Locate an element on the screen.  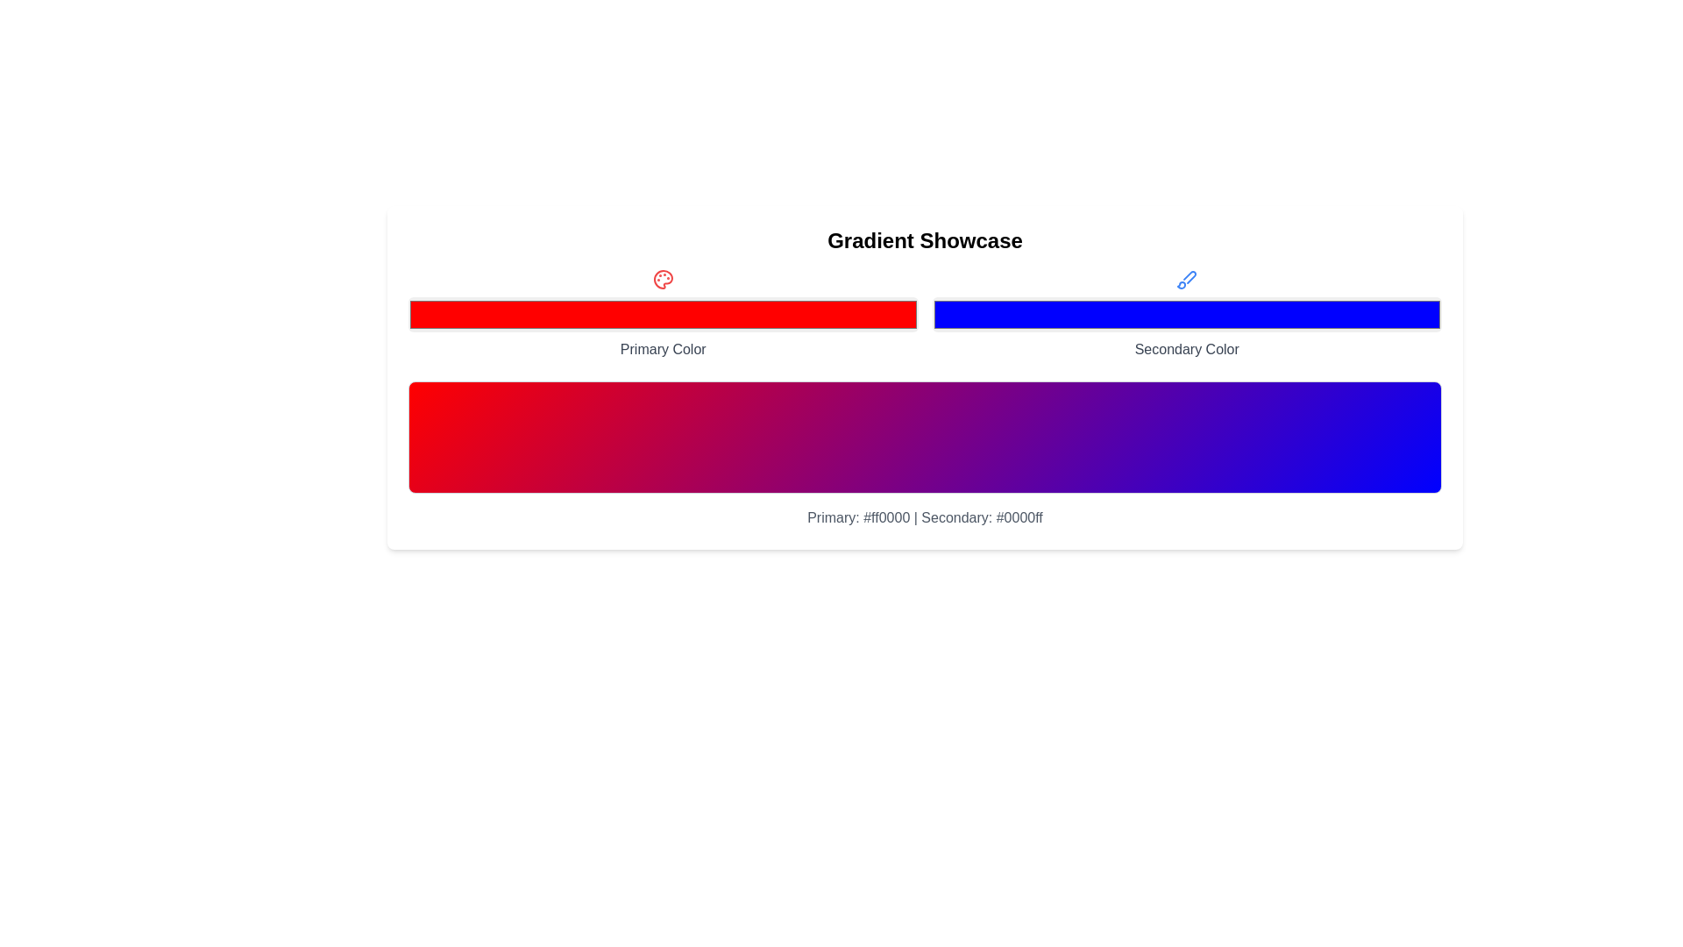
the vibrant blue color picker input box labeled 'Secondary Color' is located at coordinates (1187, 313).